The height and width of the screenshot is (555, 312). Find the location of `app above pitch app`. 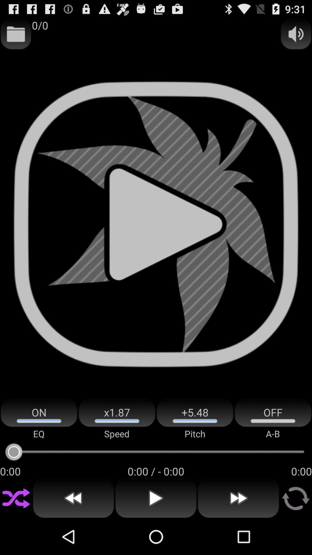

app above pitch app is located at coordinates (195, 413).